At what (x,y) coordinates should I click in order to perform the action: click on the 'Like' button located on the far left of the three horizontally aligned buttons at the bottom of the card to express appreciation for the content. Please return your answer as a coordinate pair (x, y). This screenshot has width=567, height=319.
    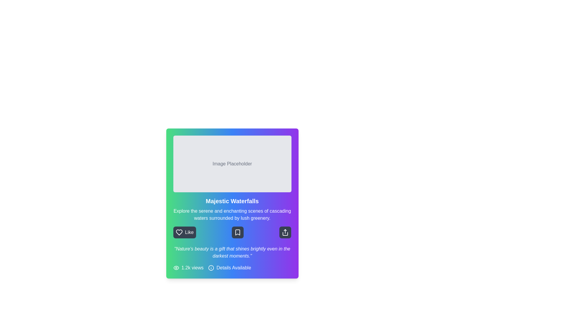
    Looking at the image, I should click on (184, 232).